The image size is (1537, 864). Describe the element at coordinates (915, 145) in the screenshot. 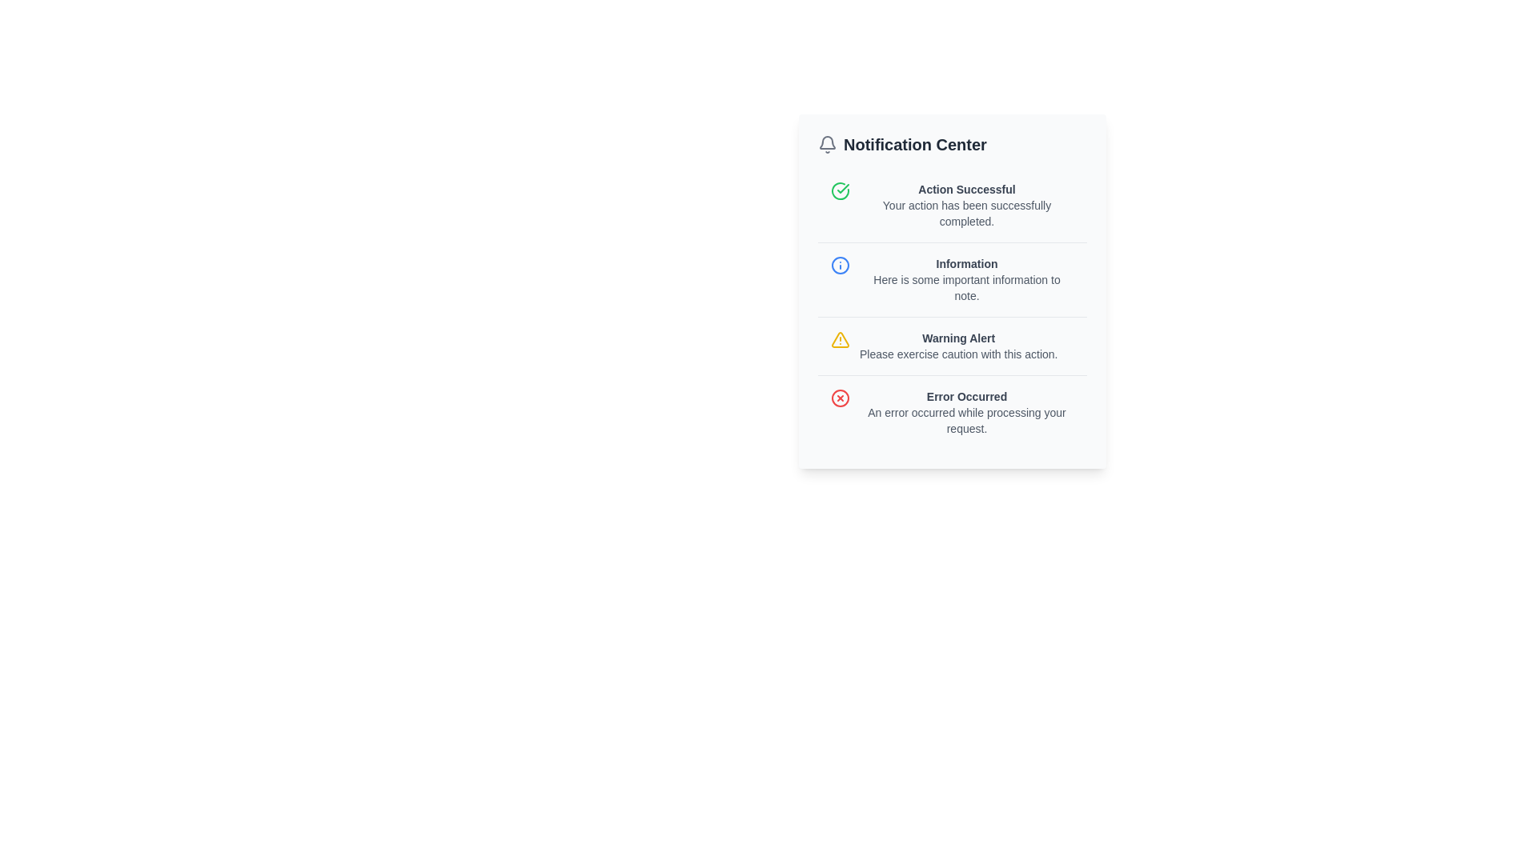

I see `the 'Notification Center' text label, which is styled with a large font size, bold weight, and dark gray color, located near the top of the notification panel, to the right of a bell icon` at that location.